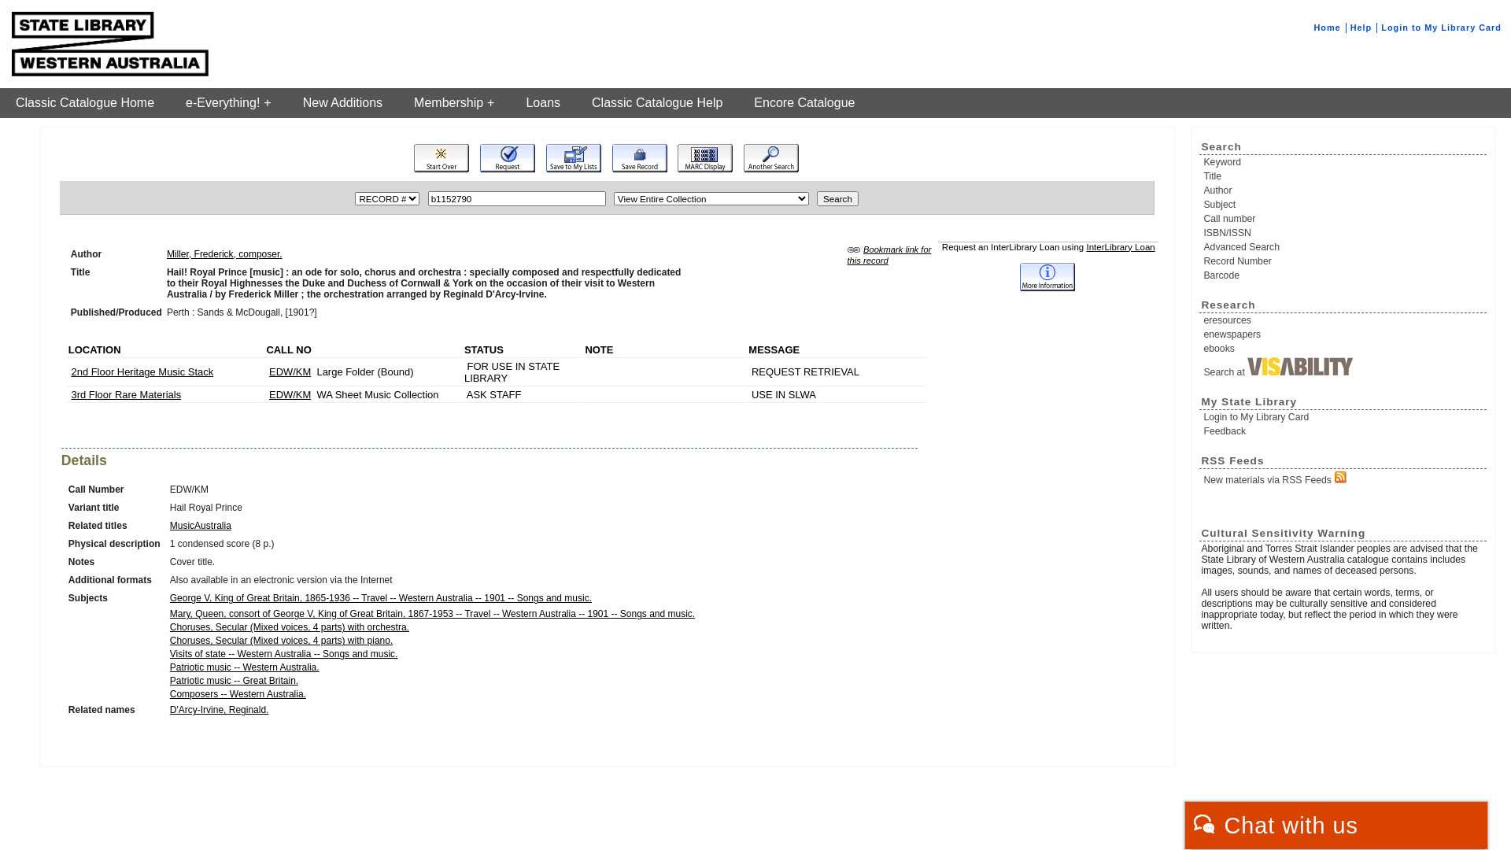 Image resolution: width=1511 pixels, height=850 pixels. Describe the element at coordinates (142, 371) in the screenshot. I see `'2nd Floor Heritage Music Stack'` at that location.